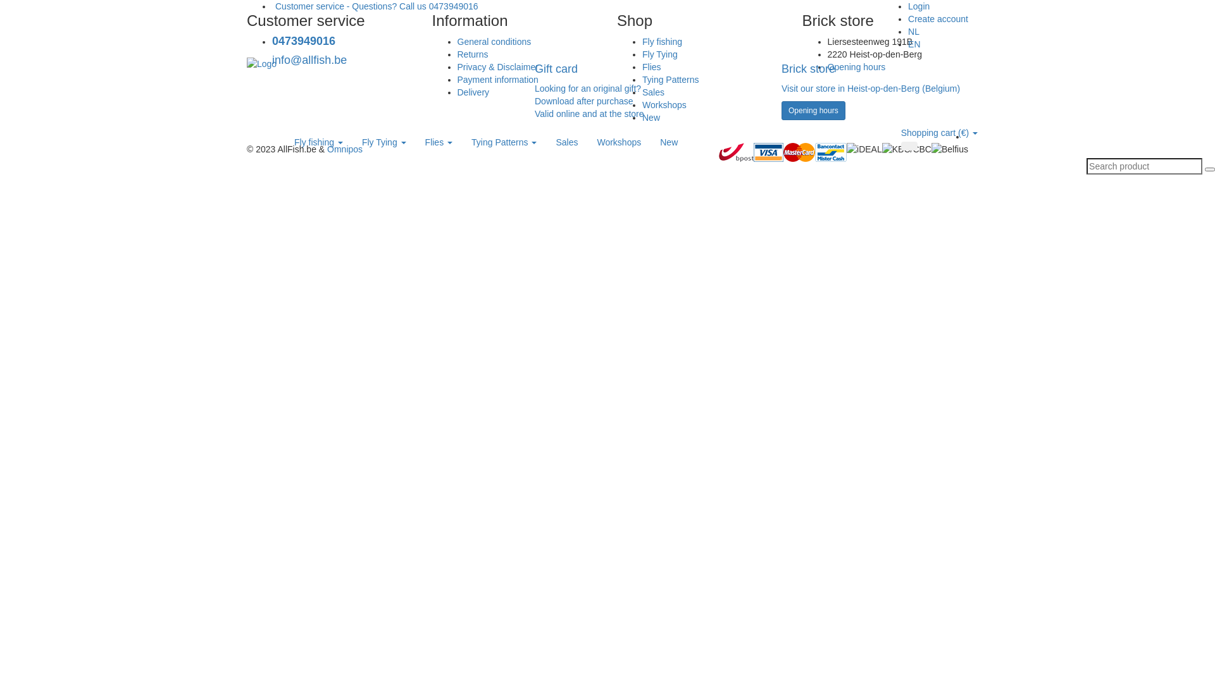  What do you see at coordinates (471, 53) in the screenshot?
I see `'Returns'` at bounding box center [471, 53].